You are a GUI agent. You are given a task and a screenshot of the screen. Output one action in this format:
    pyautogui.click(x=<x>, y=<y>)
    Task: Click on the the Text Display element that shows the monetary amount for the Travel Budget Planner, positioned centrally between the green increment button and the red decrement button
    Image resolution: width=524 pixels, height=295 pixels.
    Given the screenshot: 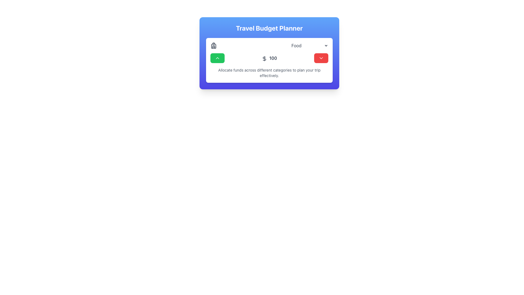 What is the action you would take?
    pyautogui.click(x=269, y=58)
    